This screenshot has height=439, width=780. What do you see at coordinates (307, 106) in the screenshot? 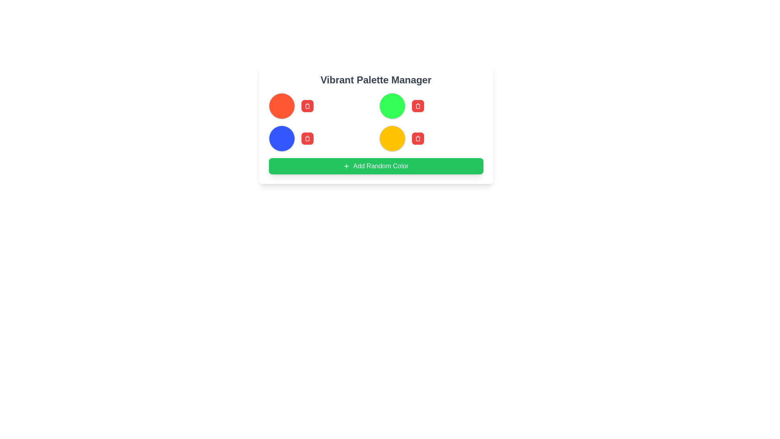
I see `the small, square button with rounded corners, red background, and white trashcan icon located under 'Vibrant Palette Manager'` at bounding box center [307, 106].